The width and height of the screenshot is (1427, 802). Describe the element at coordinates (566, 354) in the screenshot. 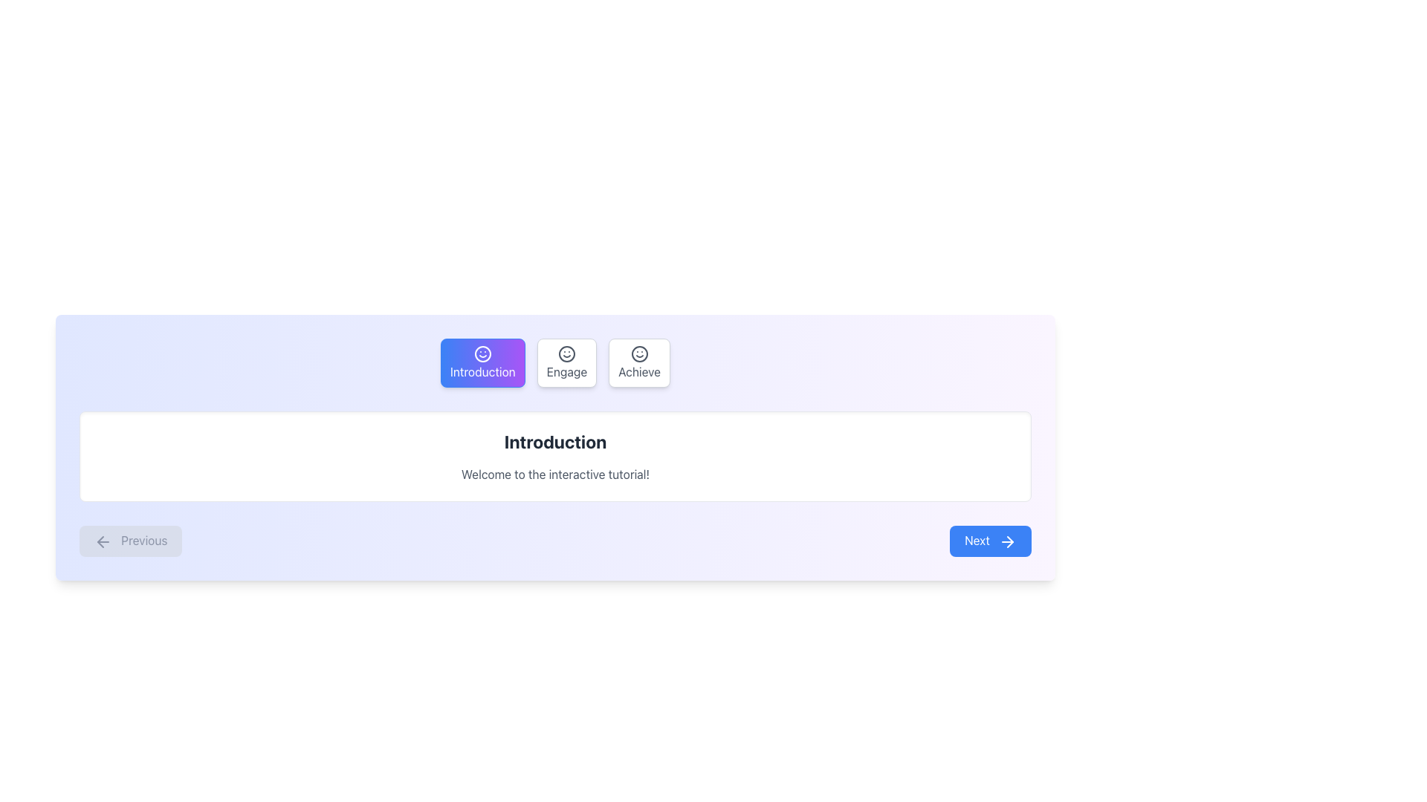

I see `the decorative SVG Circle that outlines the smiley face within the 'Engage' button, located at the center of the button between 'Introduction' and 'Achieve'` at that location.